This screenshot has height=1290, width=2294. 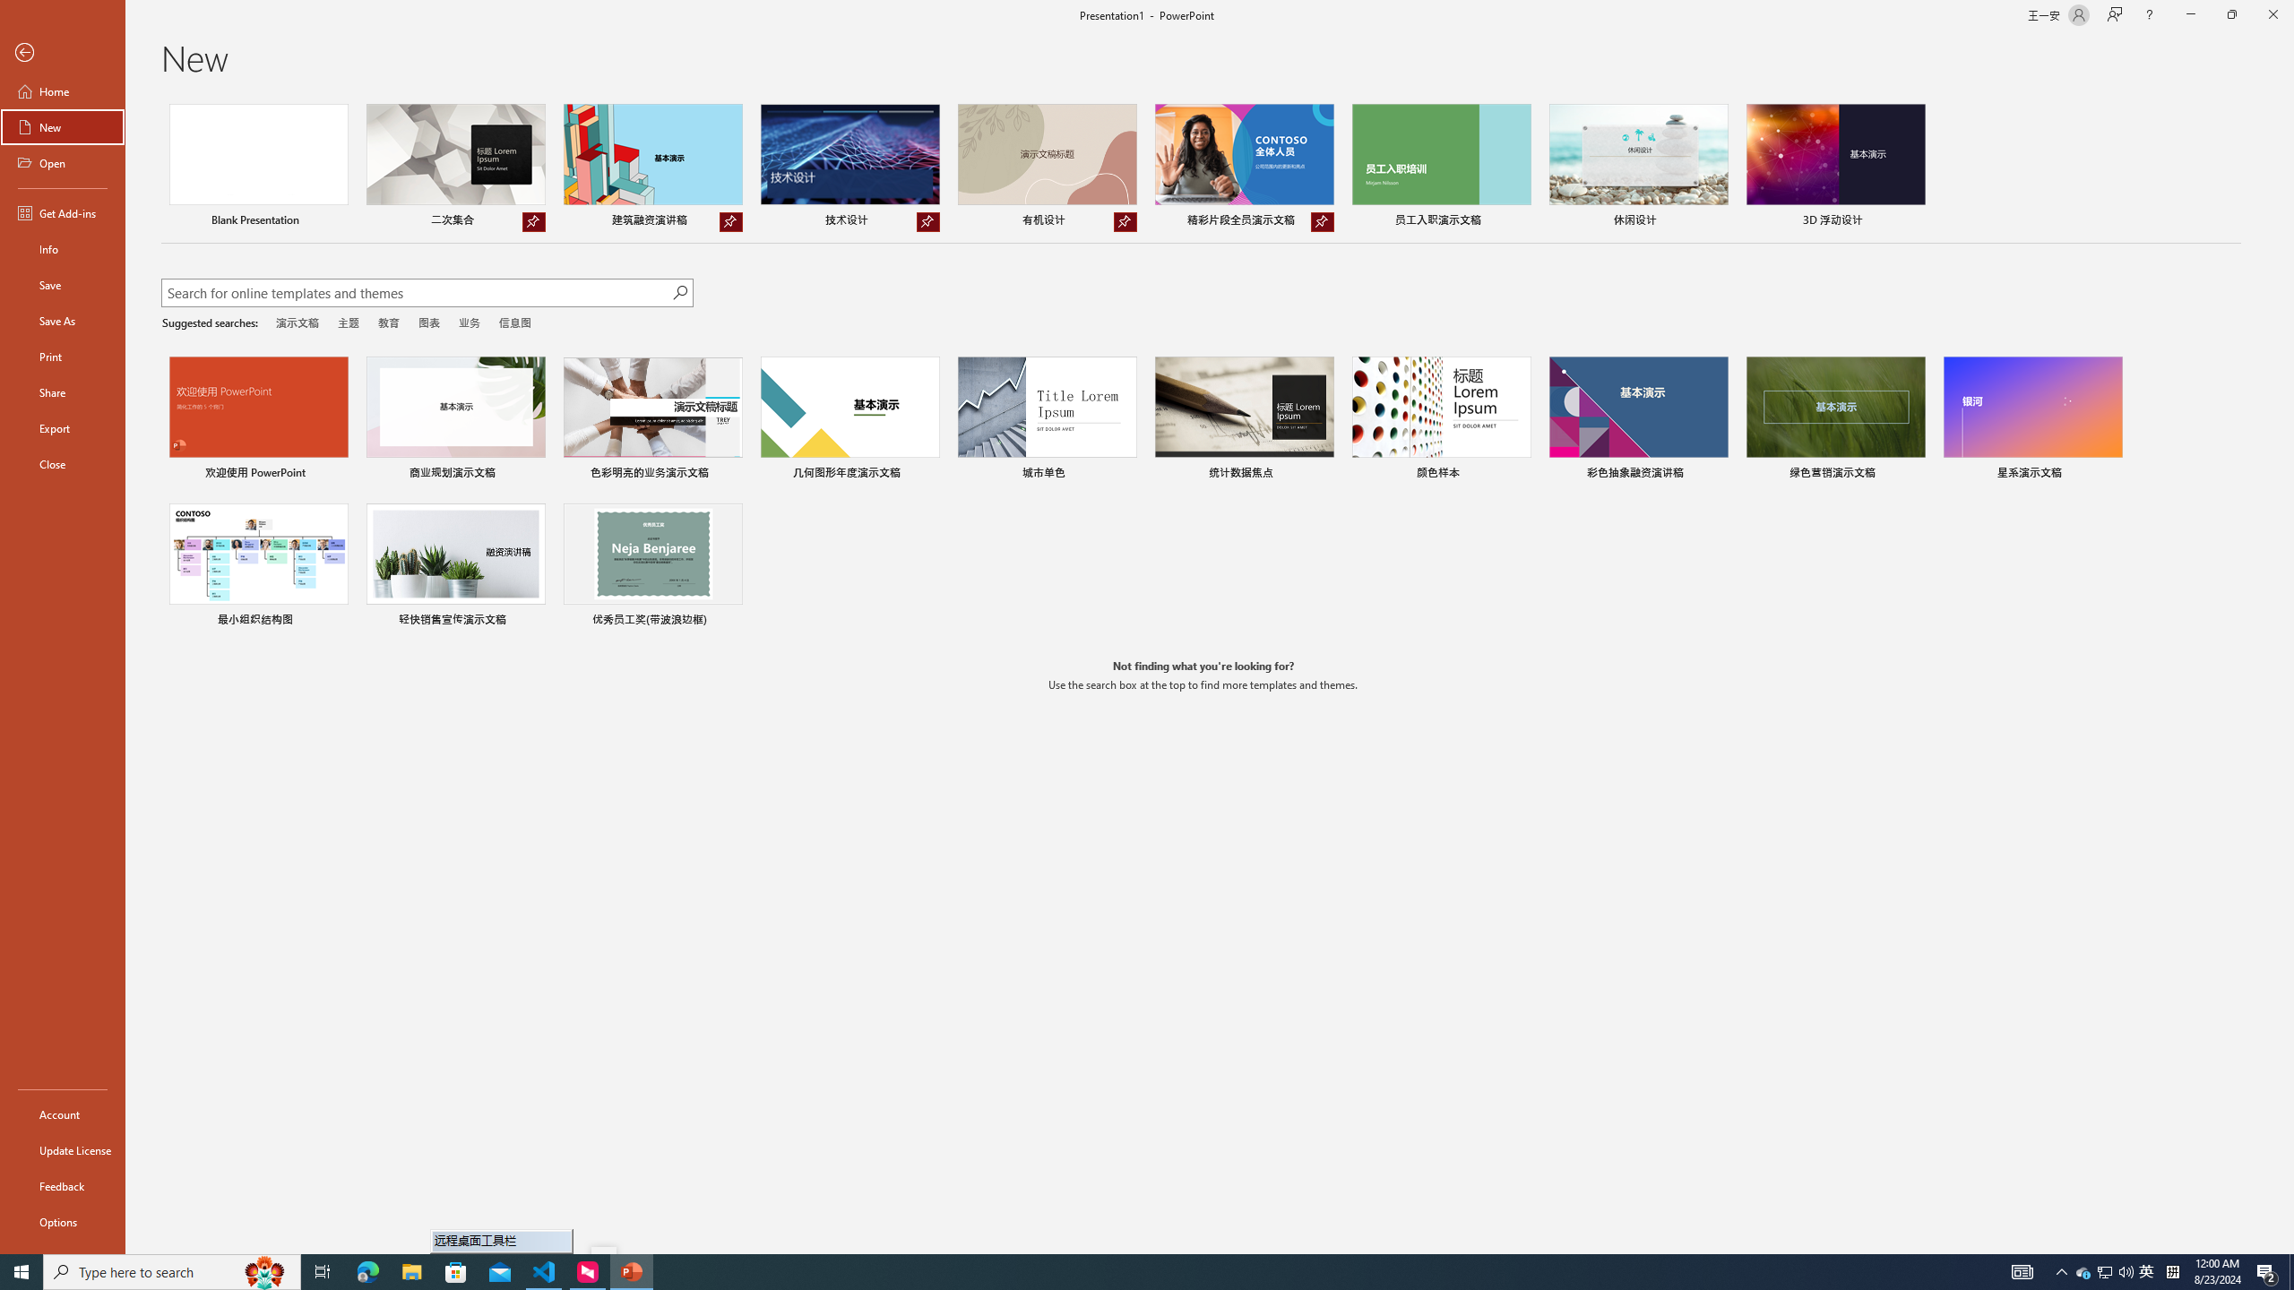 I want to click on 'Start searching', so click(x=679, y=292).